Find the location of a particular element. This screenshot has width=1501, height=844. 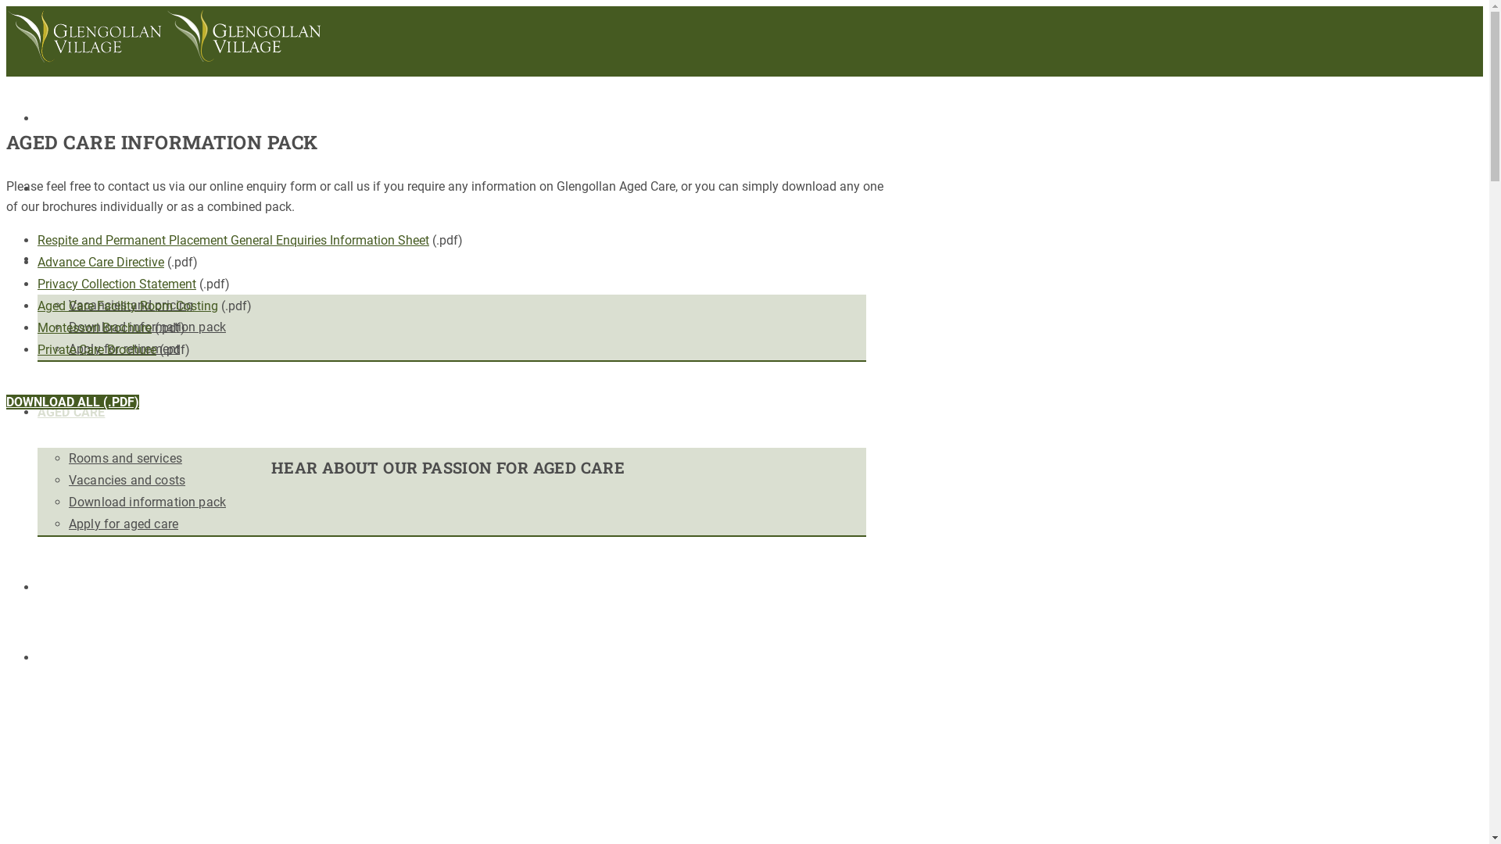

'Apply for aged care' is located at coordinates (123, 524).